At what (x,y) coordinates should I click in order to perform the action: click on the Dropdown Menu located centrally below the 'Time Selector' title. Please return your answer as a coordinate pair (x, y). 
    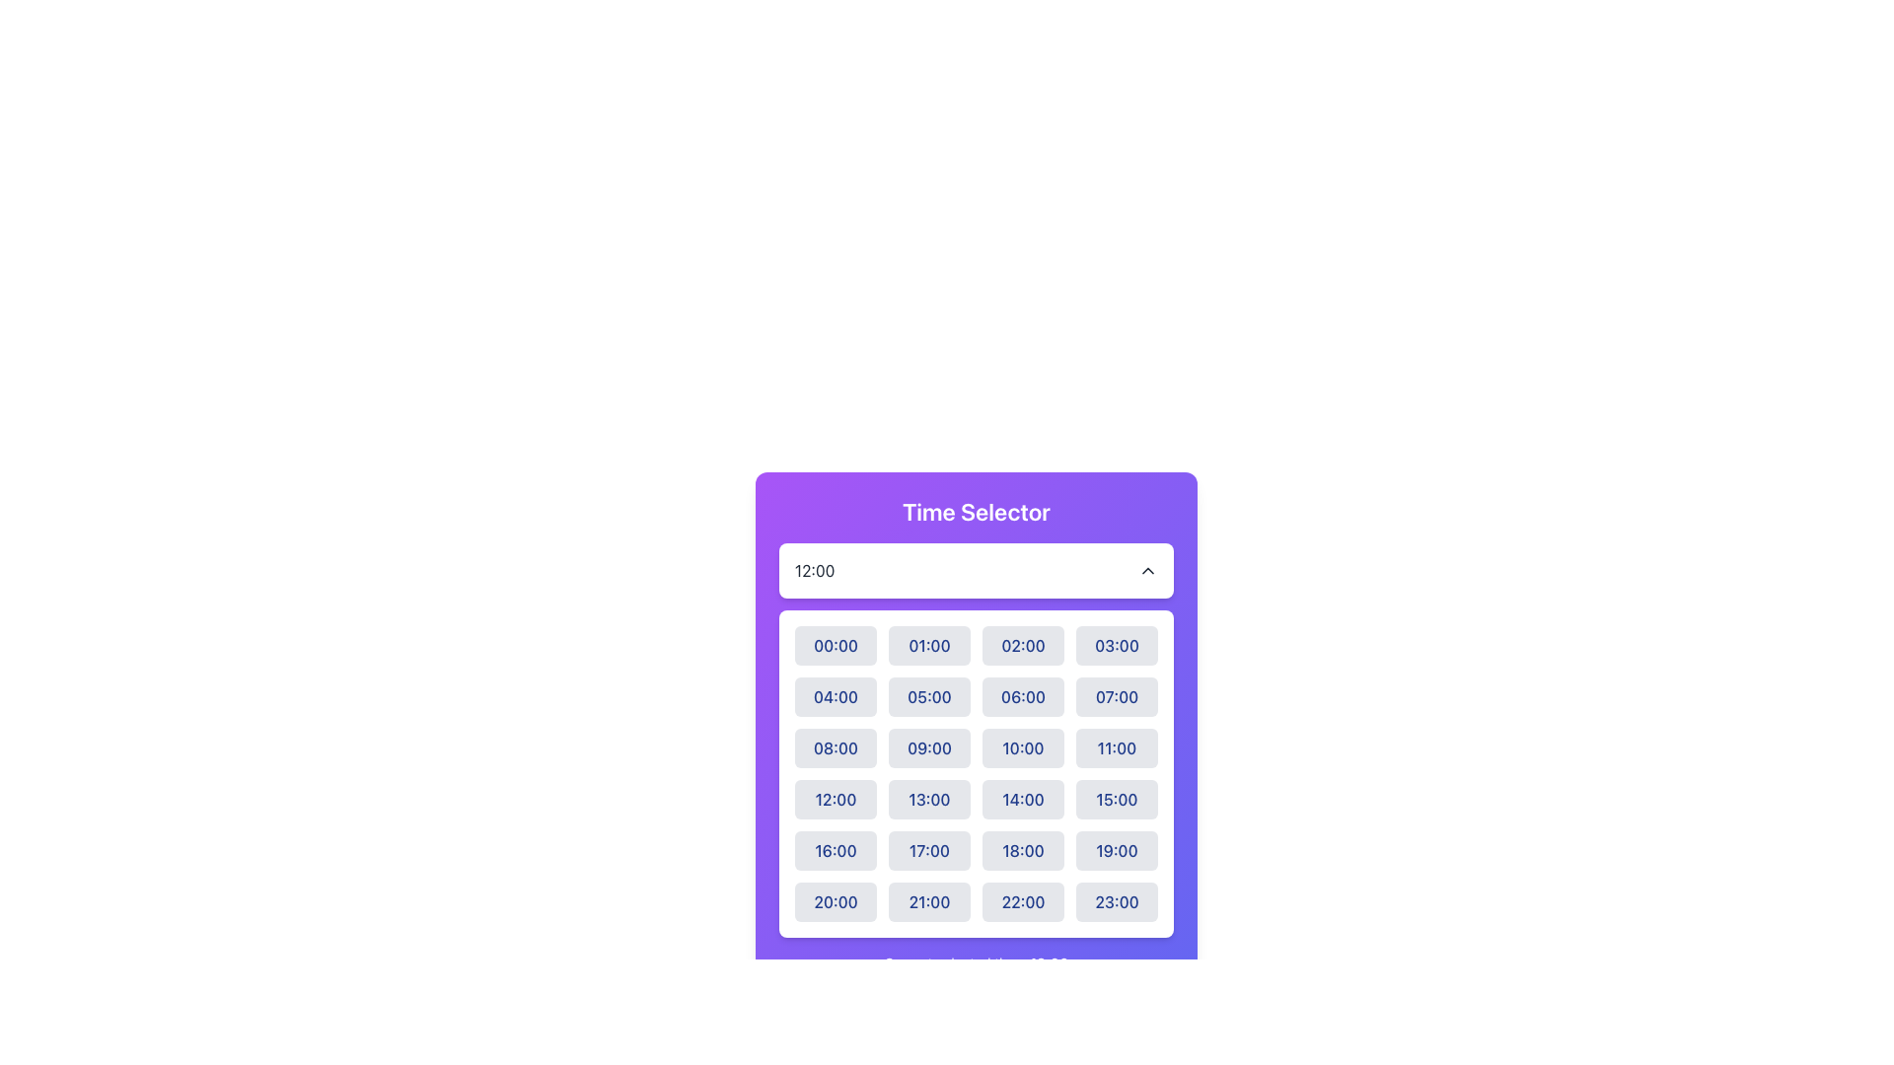
    Looking at the image, I should click on (976, 570).